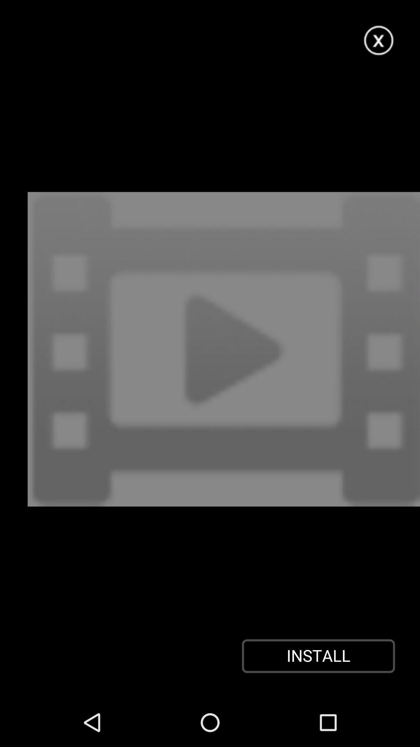 The width and height of the screenshot is (420, 747). I want to click on this page, so click(379, 40).